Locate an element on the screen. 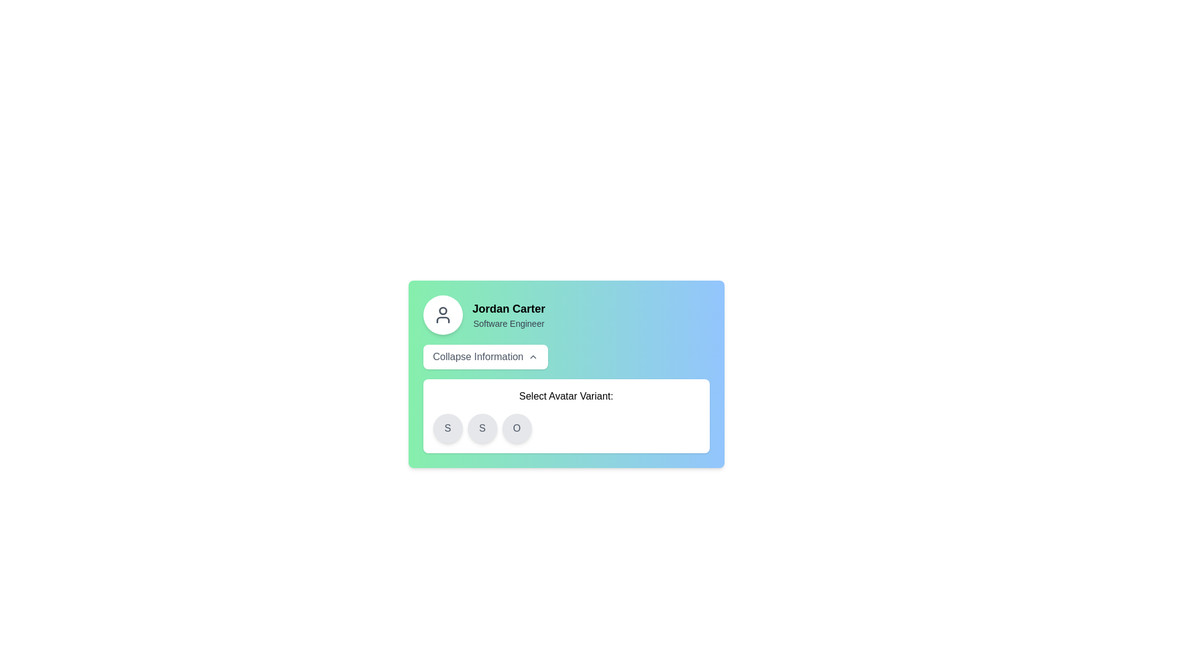 Image resolution: width=1185 pixels, height=666 pixels. the first circular button is located at coordinates (447, 427).